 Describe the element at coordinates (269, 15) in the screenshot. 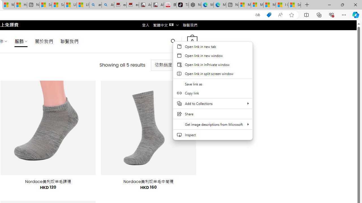

I see `'This site has coupons! Shopping in Microsoft Edge'` at that location.